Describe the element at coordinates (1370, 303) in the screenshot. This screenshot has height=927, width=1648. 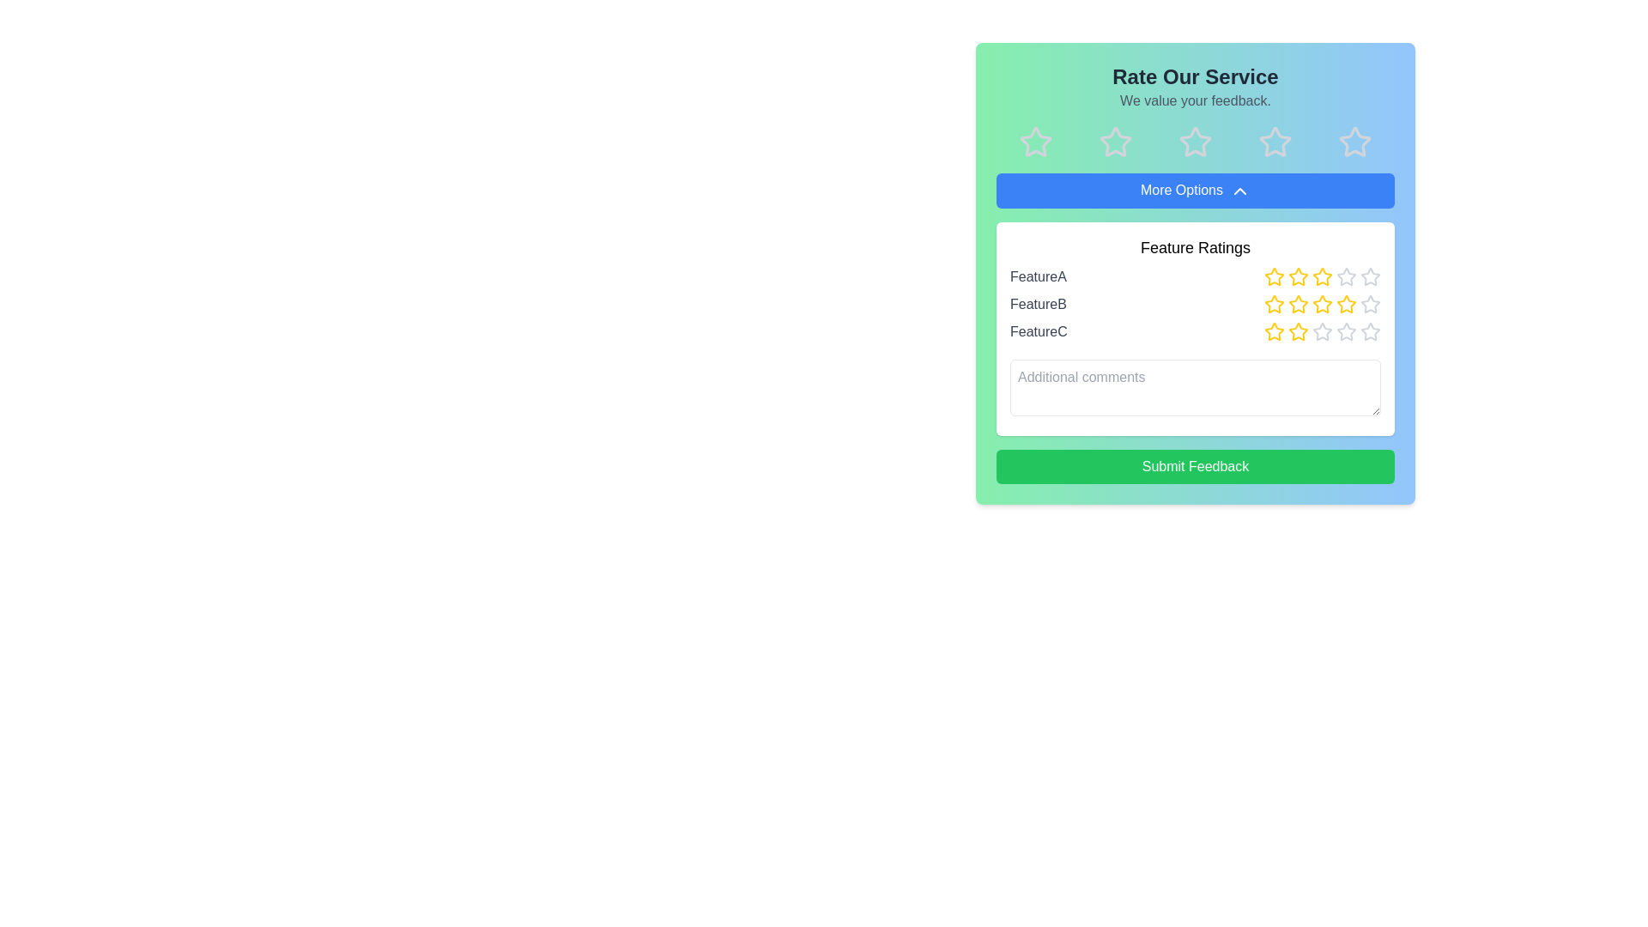
I see `the fifth rating star icon used for rating 'FeatureB'` at that location.